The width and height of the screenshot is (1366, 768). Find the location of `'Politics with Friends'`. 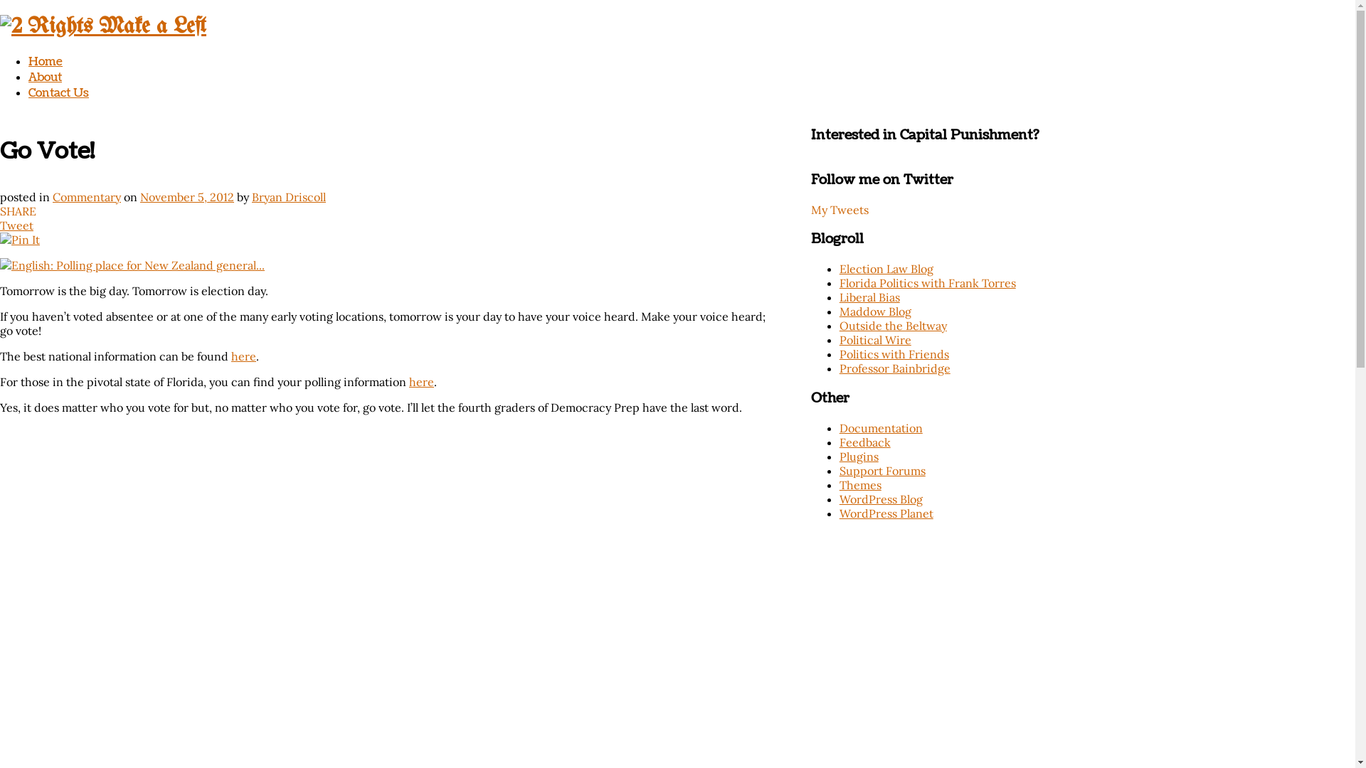

'Politics with Friends' is located at coordinates (894, 353).